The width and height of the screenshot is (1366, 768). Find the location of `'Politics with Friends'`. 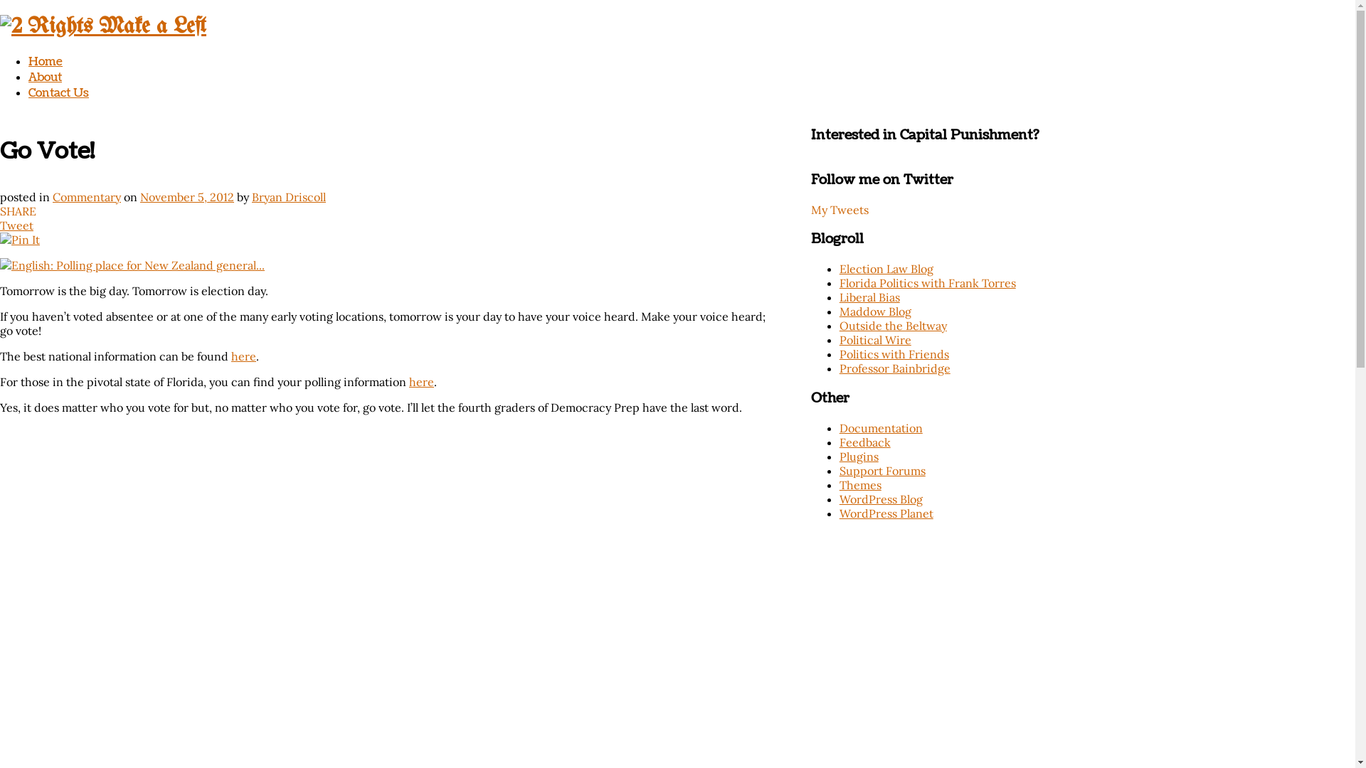

'Politics with Friends' is located at coordinates (894, 353).